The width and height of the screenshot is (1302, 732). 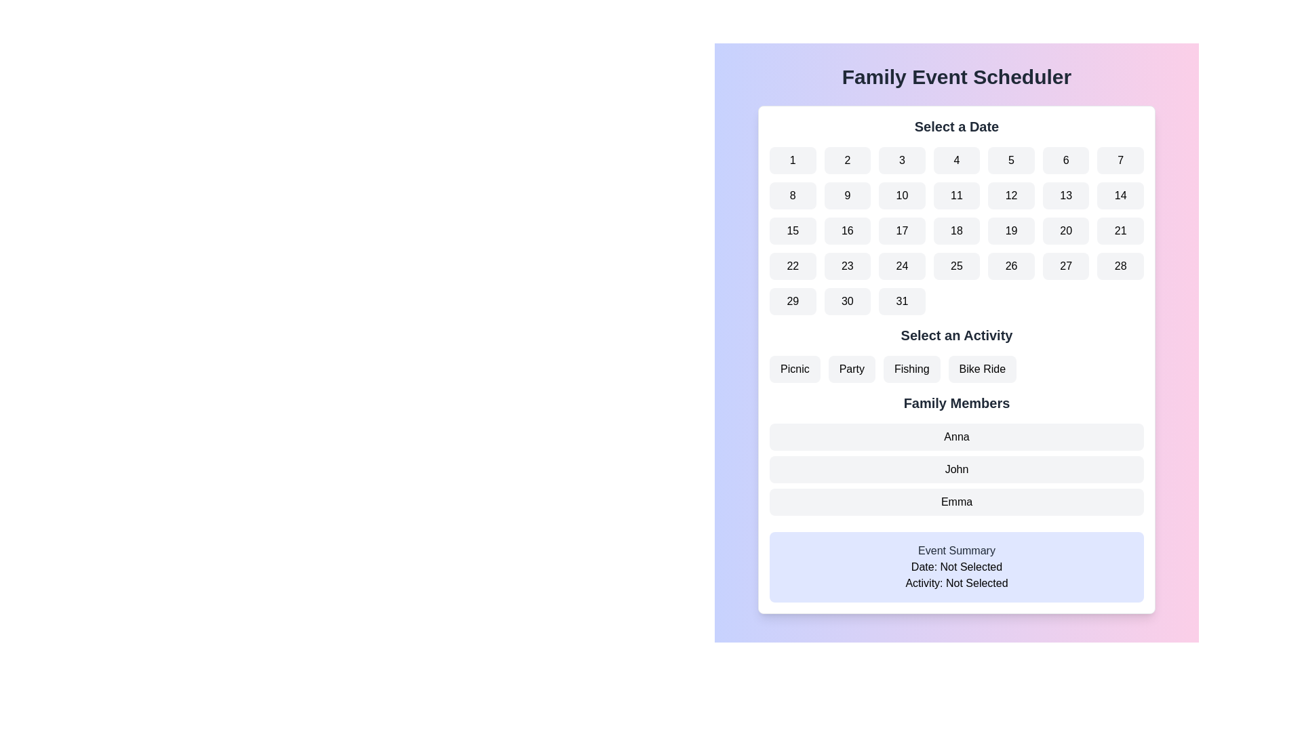 What do you see at coordinates (956, 266) in the screenshot?
I see `the button displaying the number '25' by navigating to it` at bounding box center [956, 266].